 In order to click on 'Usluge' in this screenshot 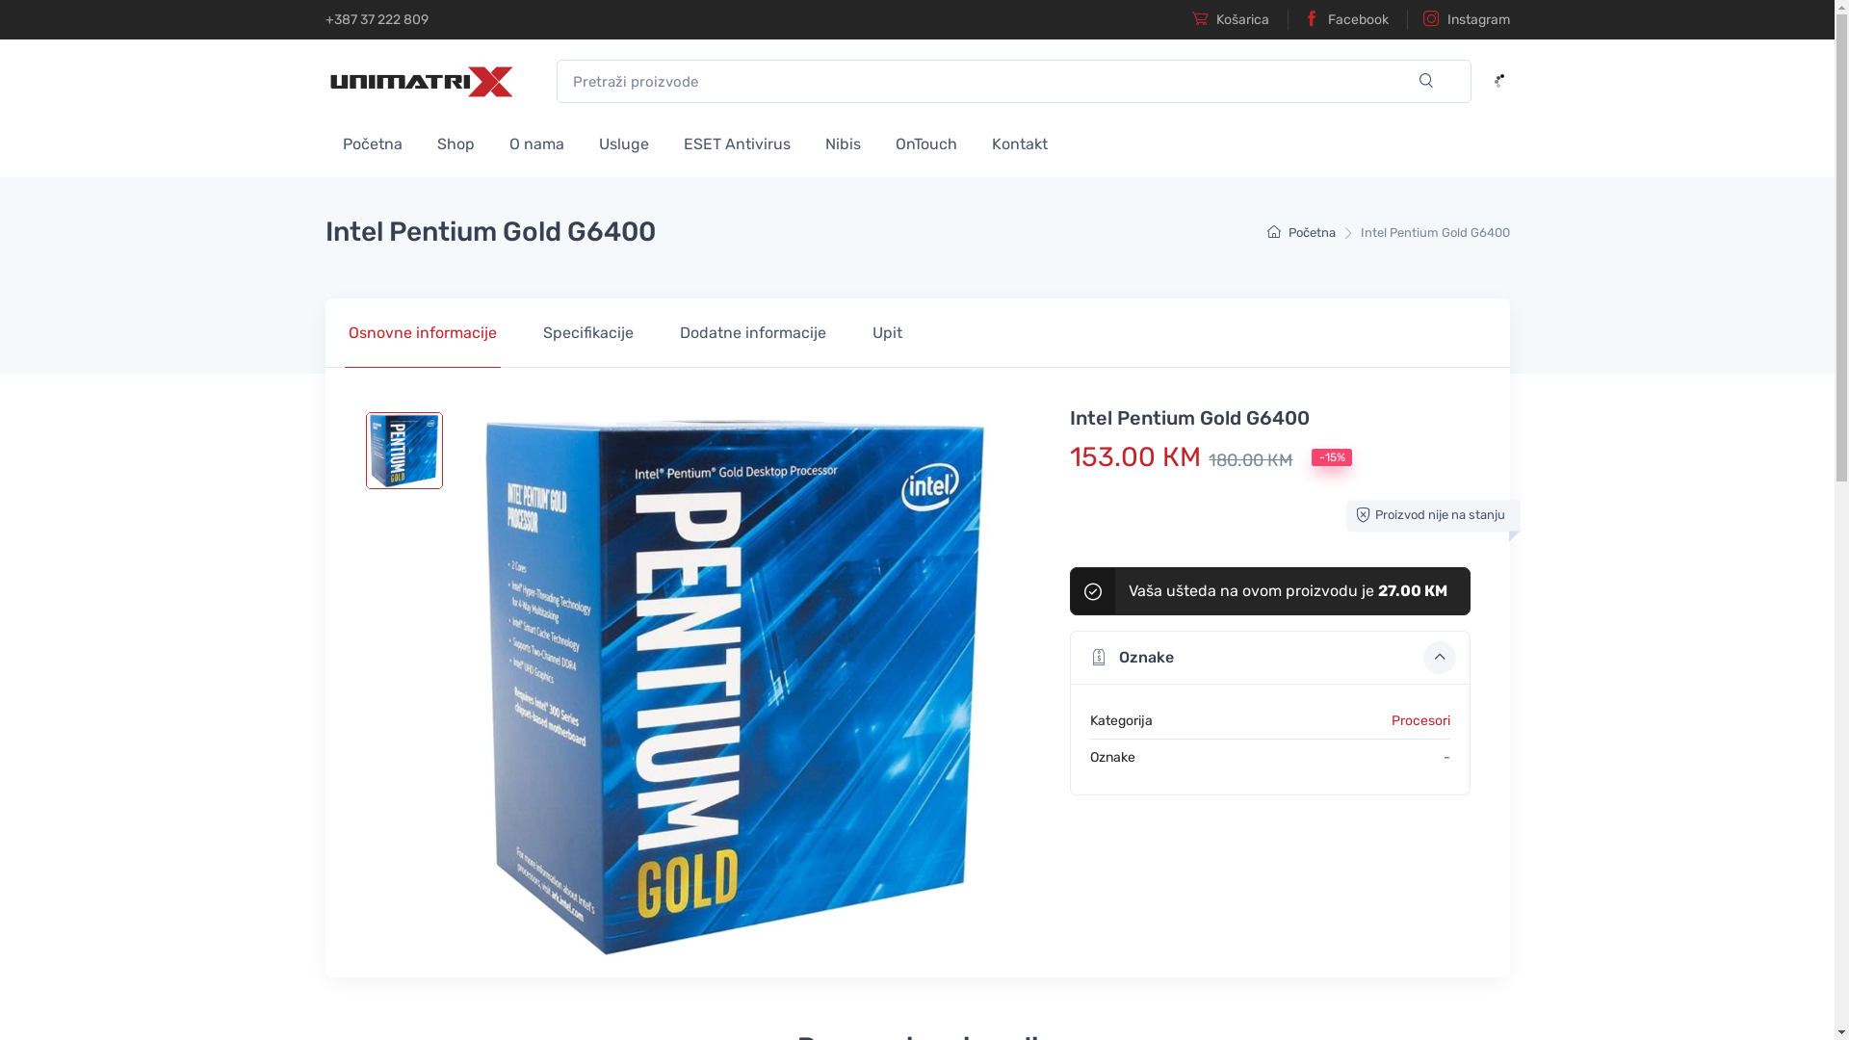, I will do `click(624, 141)`.